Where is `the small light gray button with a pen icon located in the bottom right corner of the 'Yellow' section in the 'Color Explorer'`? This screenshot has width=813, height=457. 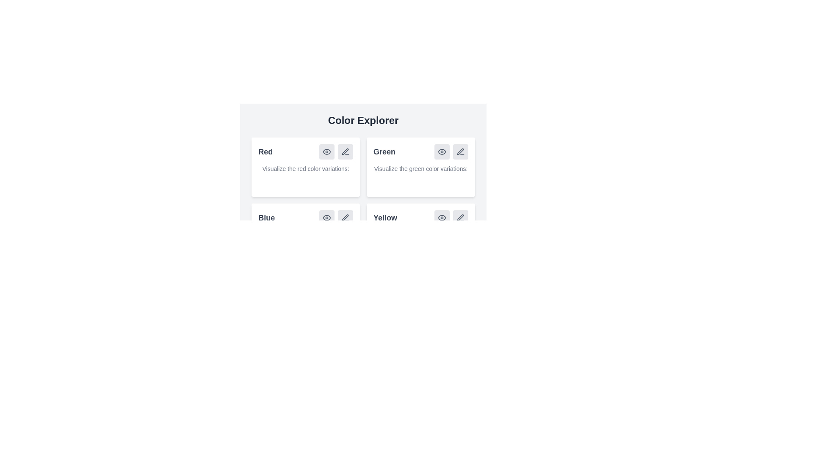 the small light gray button with a pen icon located in the bottom right corner of the 'Yellow' section in the 'Color Explorer' is located at coordinates (459, 217).